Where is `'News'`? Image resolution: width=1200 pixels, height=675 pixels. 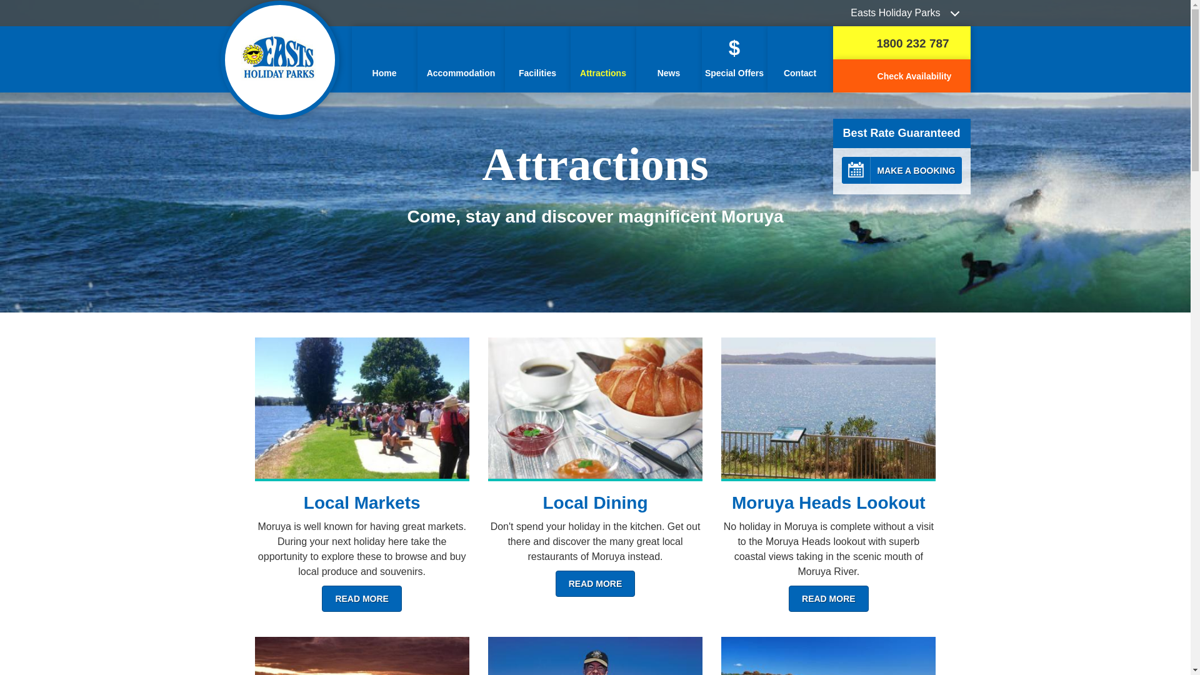
'News' is located at coordinates (668, 59).